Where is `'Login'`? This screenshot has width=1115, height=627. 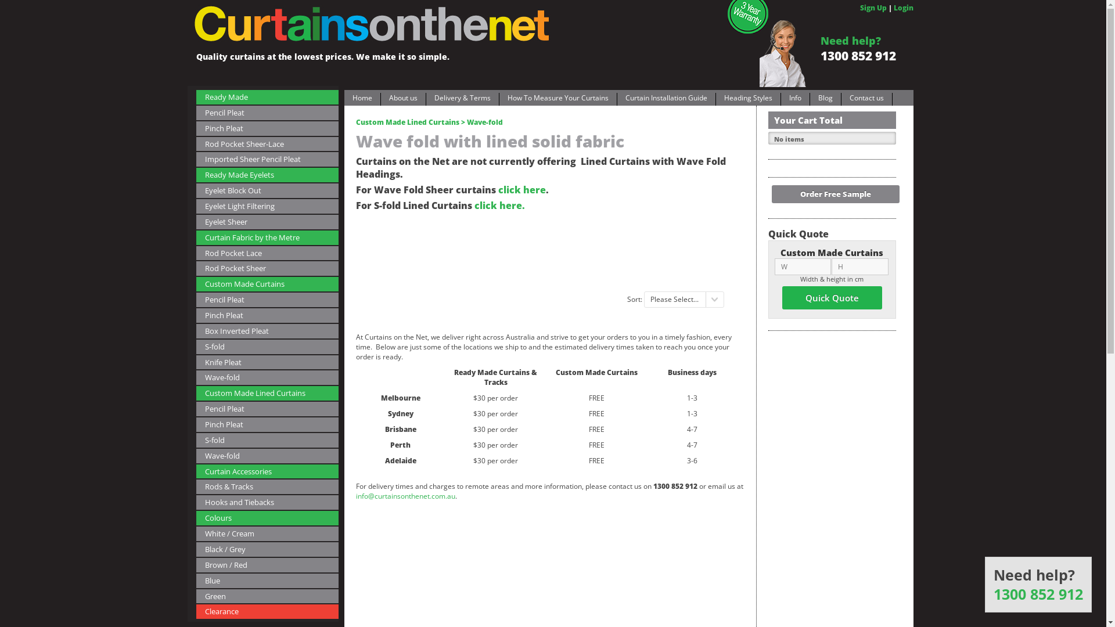
'Login' is located at coordinates (902, 8).